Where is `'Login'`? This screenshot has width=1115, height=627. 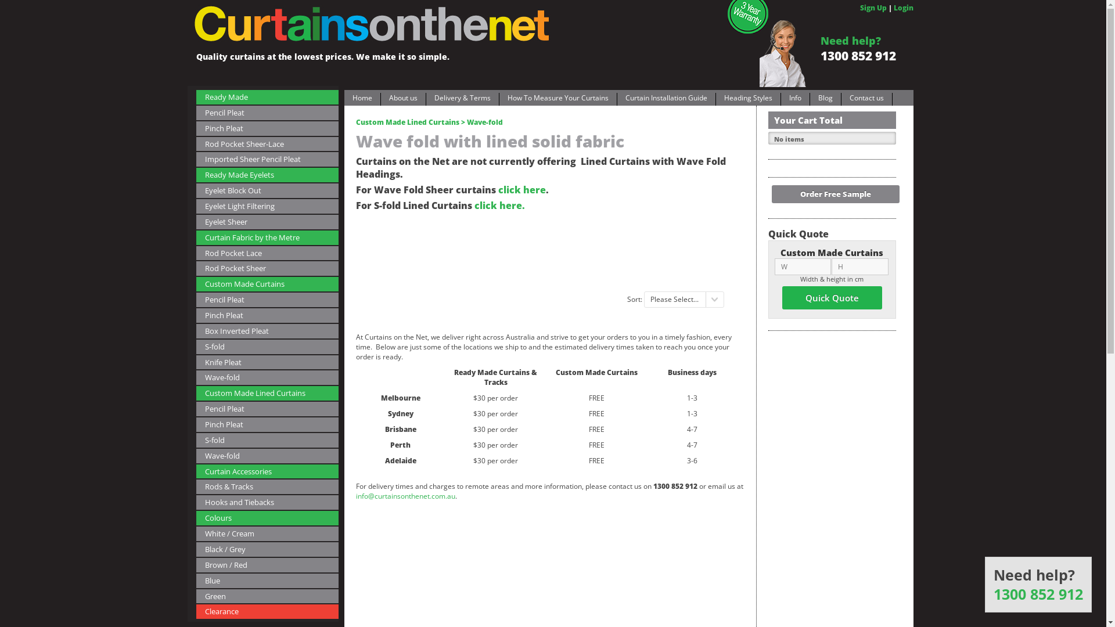
'Login' is located at coordinates (902, 8).